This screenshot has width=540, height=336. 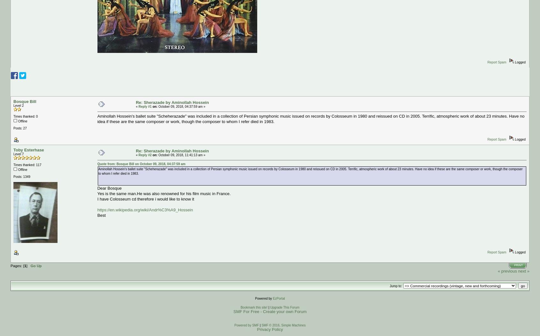 I want to click on 'I have Colosseum cd therefore i would like to know it', so click(x=145, y=199).